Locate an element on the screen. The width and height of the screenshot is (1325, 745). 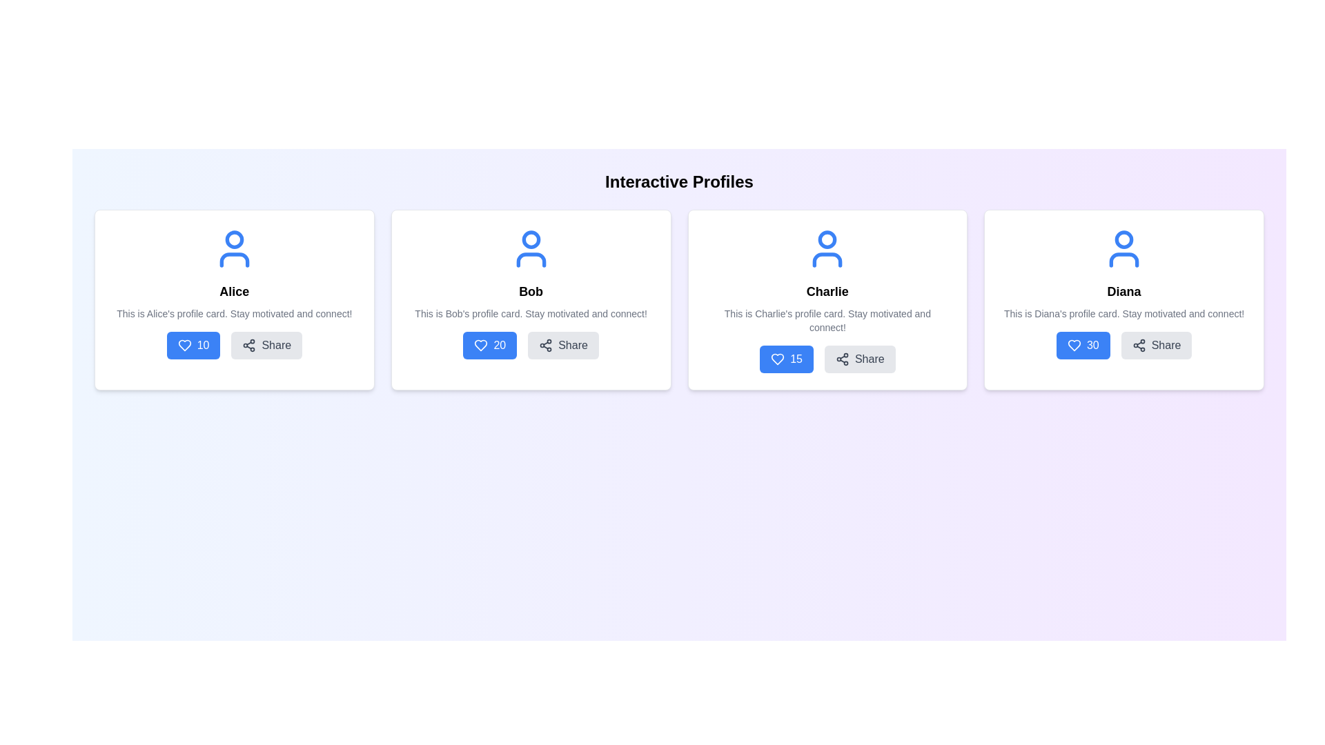
the profile icon located at the upper section of the profile card labeled 'Charlie', which is the third card in a horizontal list is located at coordinates (827, 249).